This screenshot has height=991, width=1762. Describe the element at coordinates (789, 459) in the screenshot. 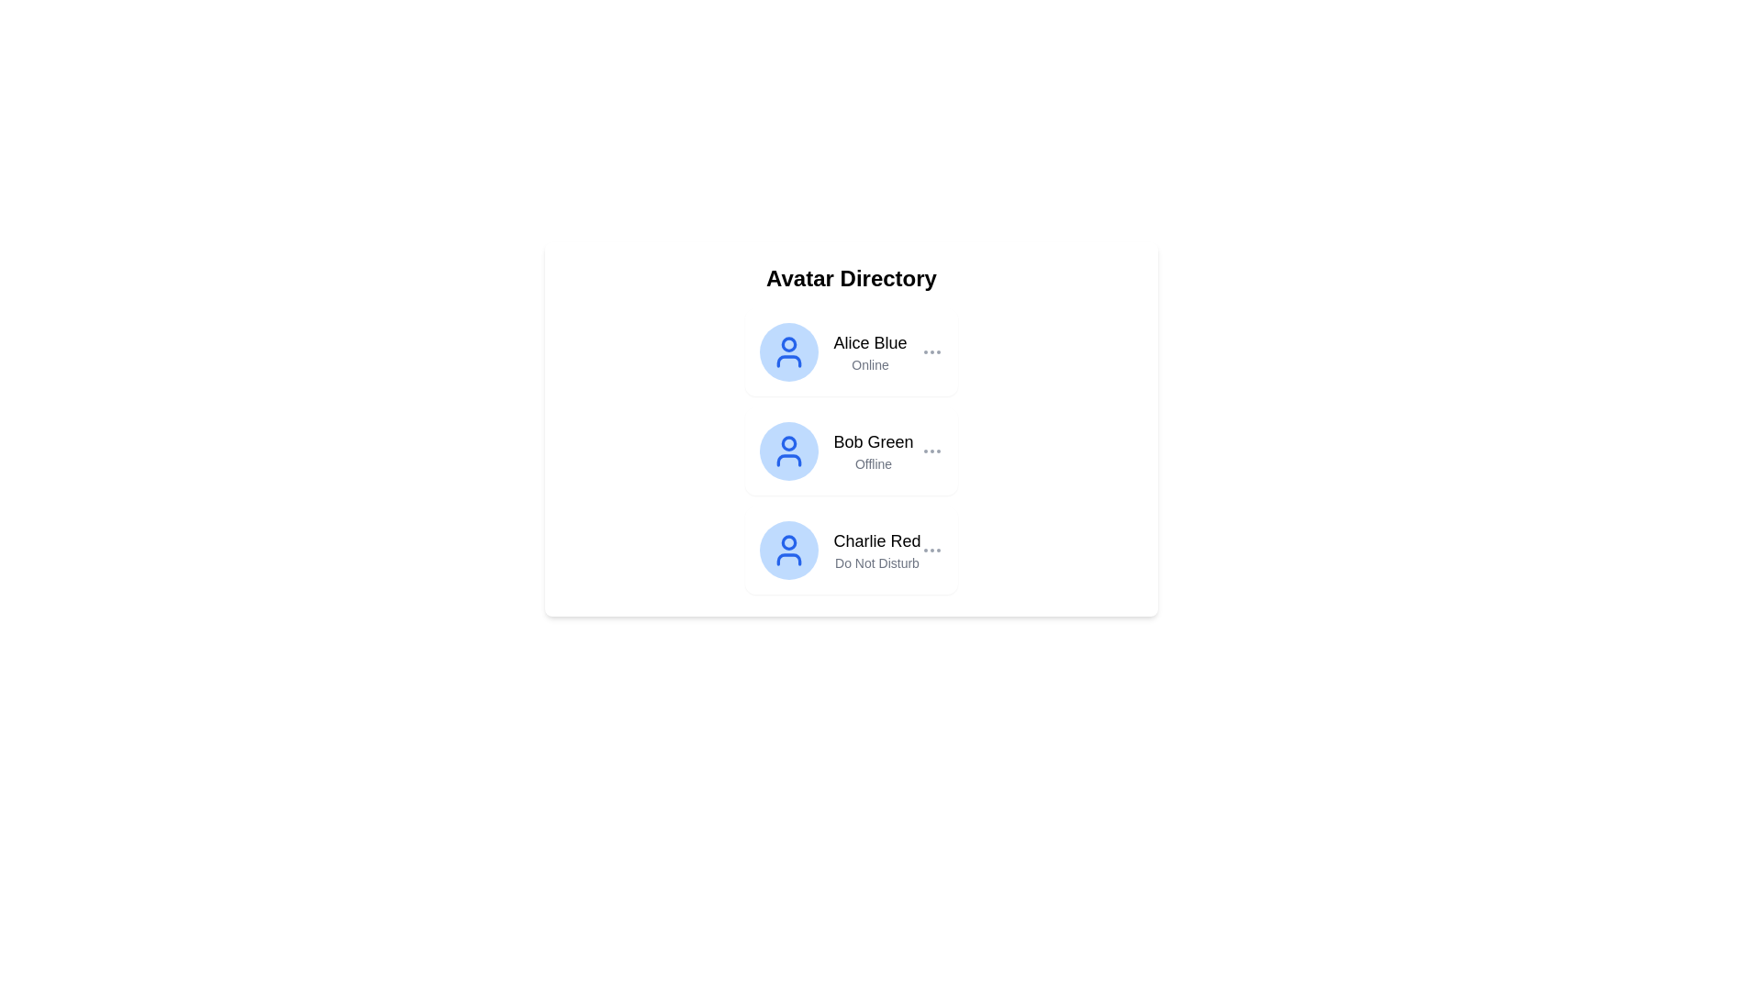

I see `the body portion of the second avatar icon in the Avatar Directory, which visually represents user identification` at that location.